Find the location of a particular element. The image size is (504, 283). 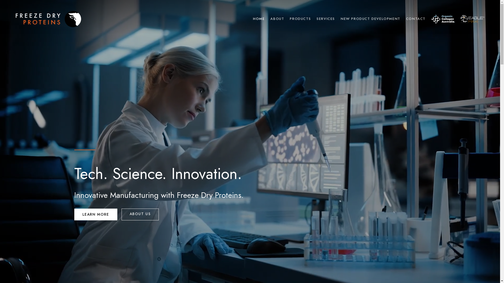

'LEARN MORE' is located at coordinates (74, 214).